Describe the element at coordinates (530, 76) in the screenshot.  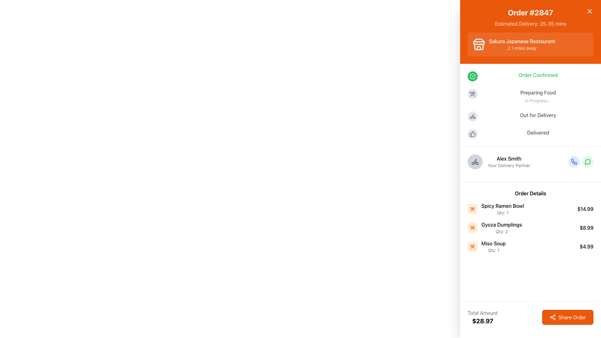
I see `status text from the first status indicator in the order tracking panel that shows the order confirmation status` at that location.